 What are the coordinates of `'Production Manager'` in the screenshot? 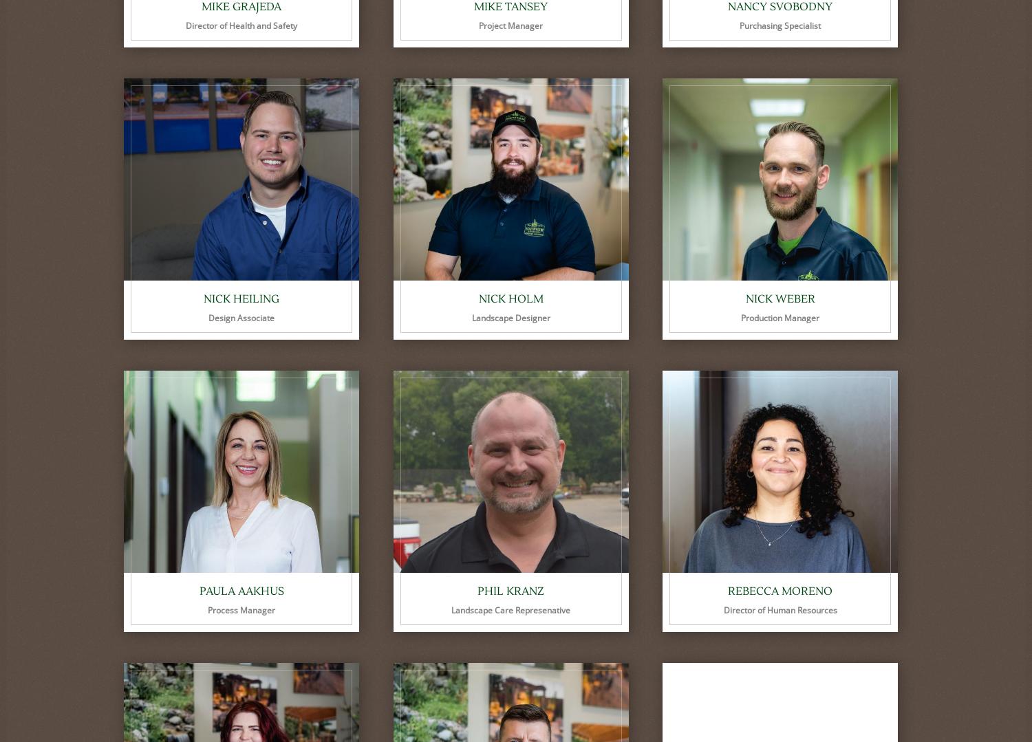 It's located at (780, 317).